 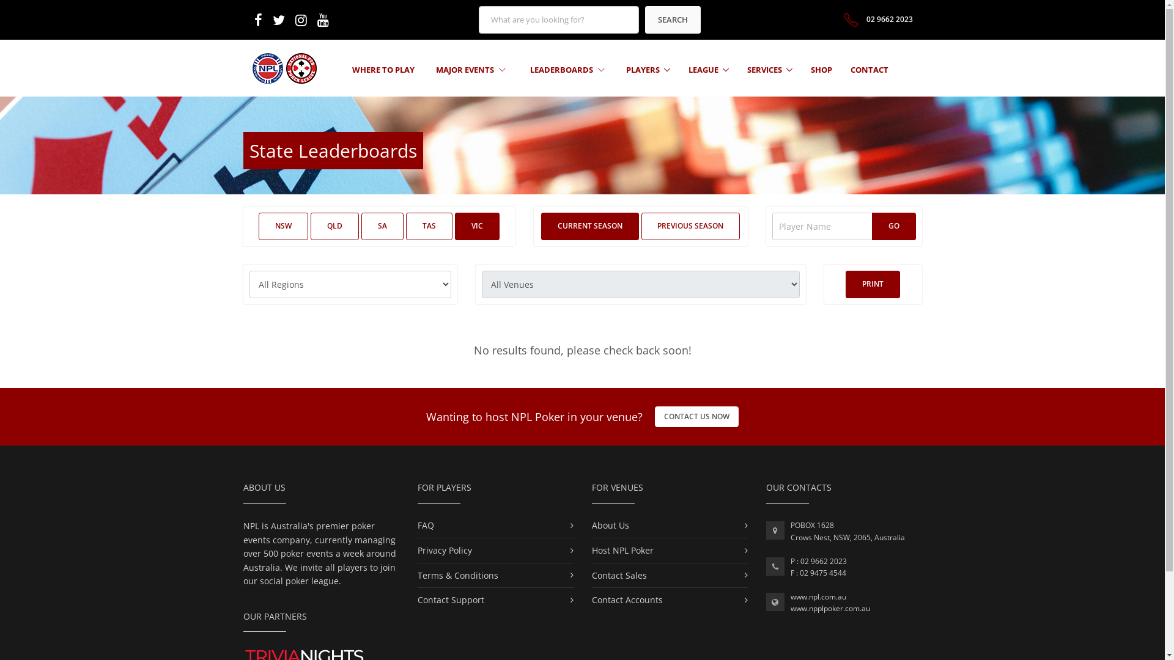 I want to click on 'CONTACT', so click(x=850, y=70).